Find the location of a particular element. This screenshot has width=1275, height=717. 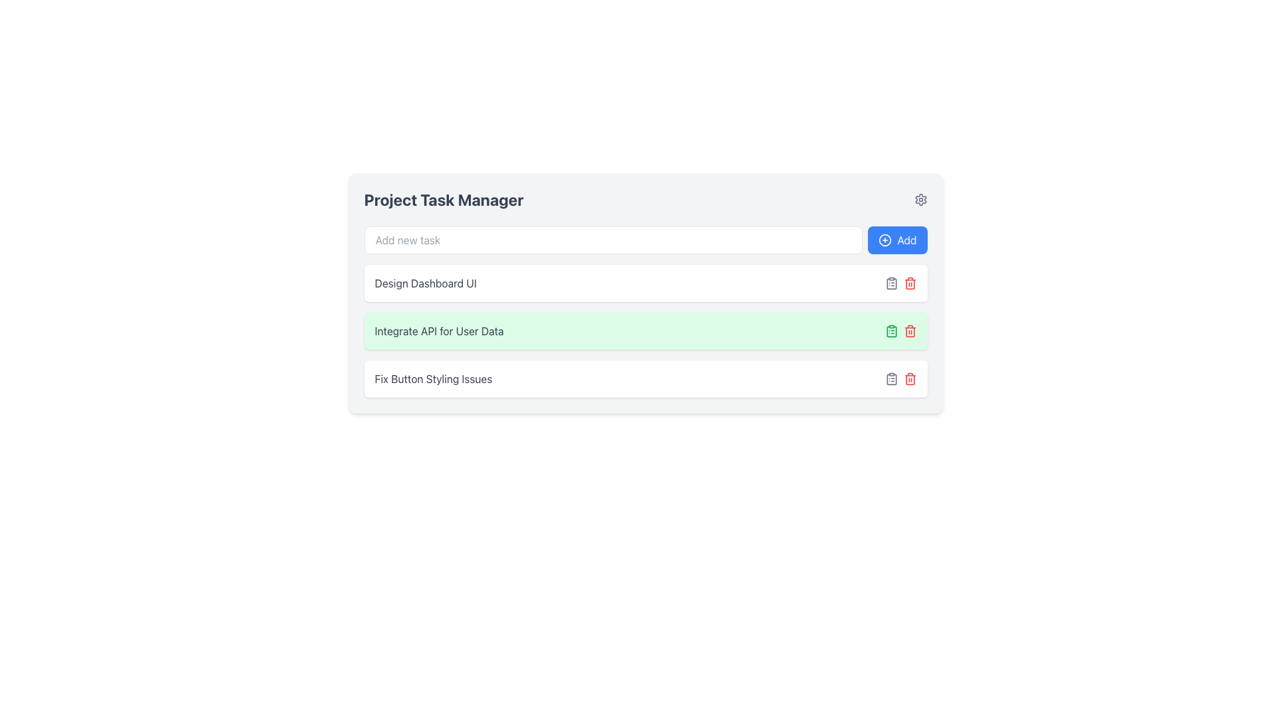

the trash can icon button, which is styled in red and positioned at the far-right of the row labeled 'Integrate API for User Data' is located at coordinates (909, 330).